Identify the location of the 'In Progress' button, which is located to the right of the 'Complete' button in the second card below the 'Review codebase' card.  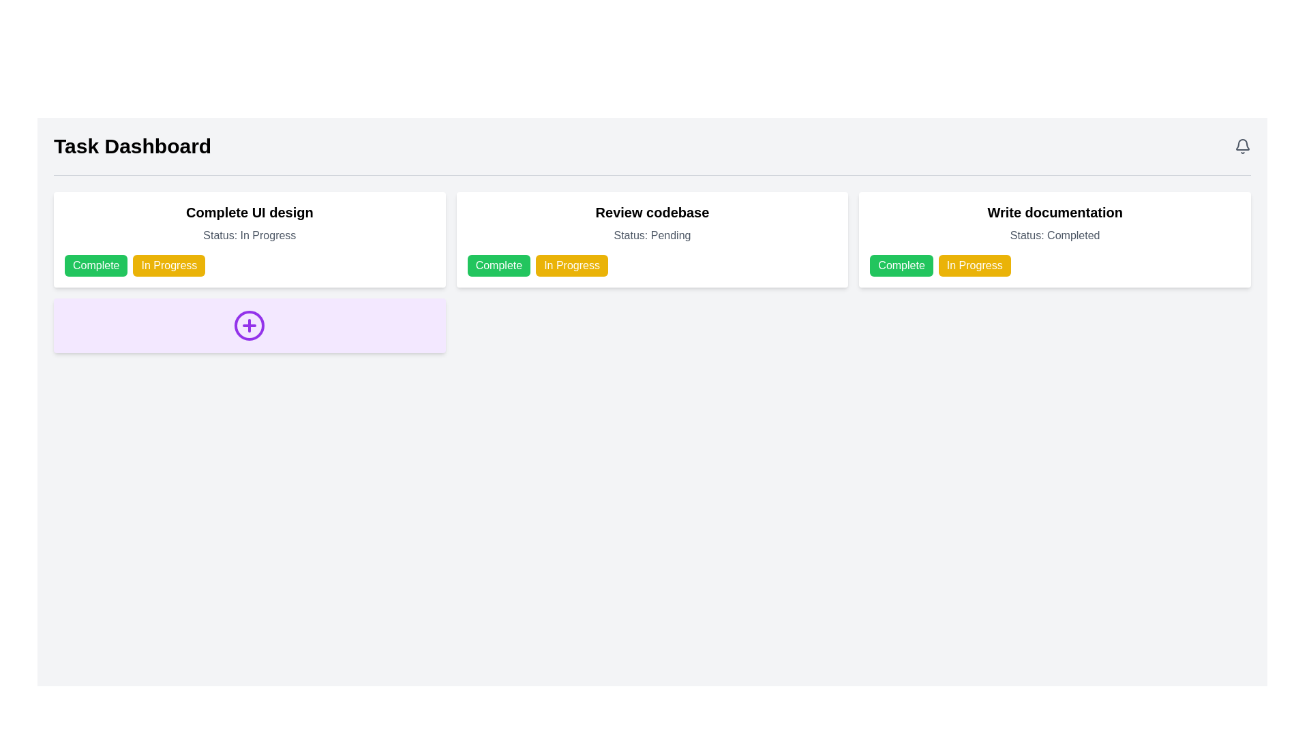
(572, 265).